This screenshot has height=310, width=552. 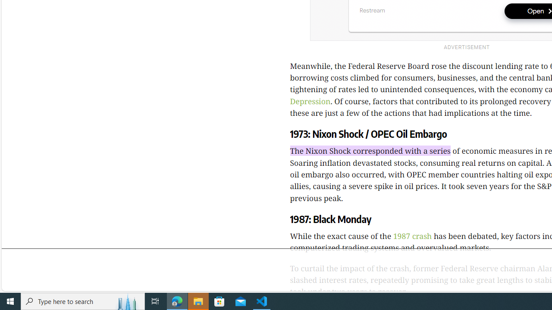 What do you see at coordinates (412, 236) in the screenshot?
I see `'1987 crash'` at bounding box center [412, 236].